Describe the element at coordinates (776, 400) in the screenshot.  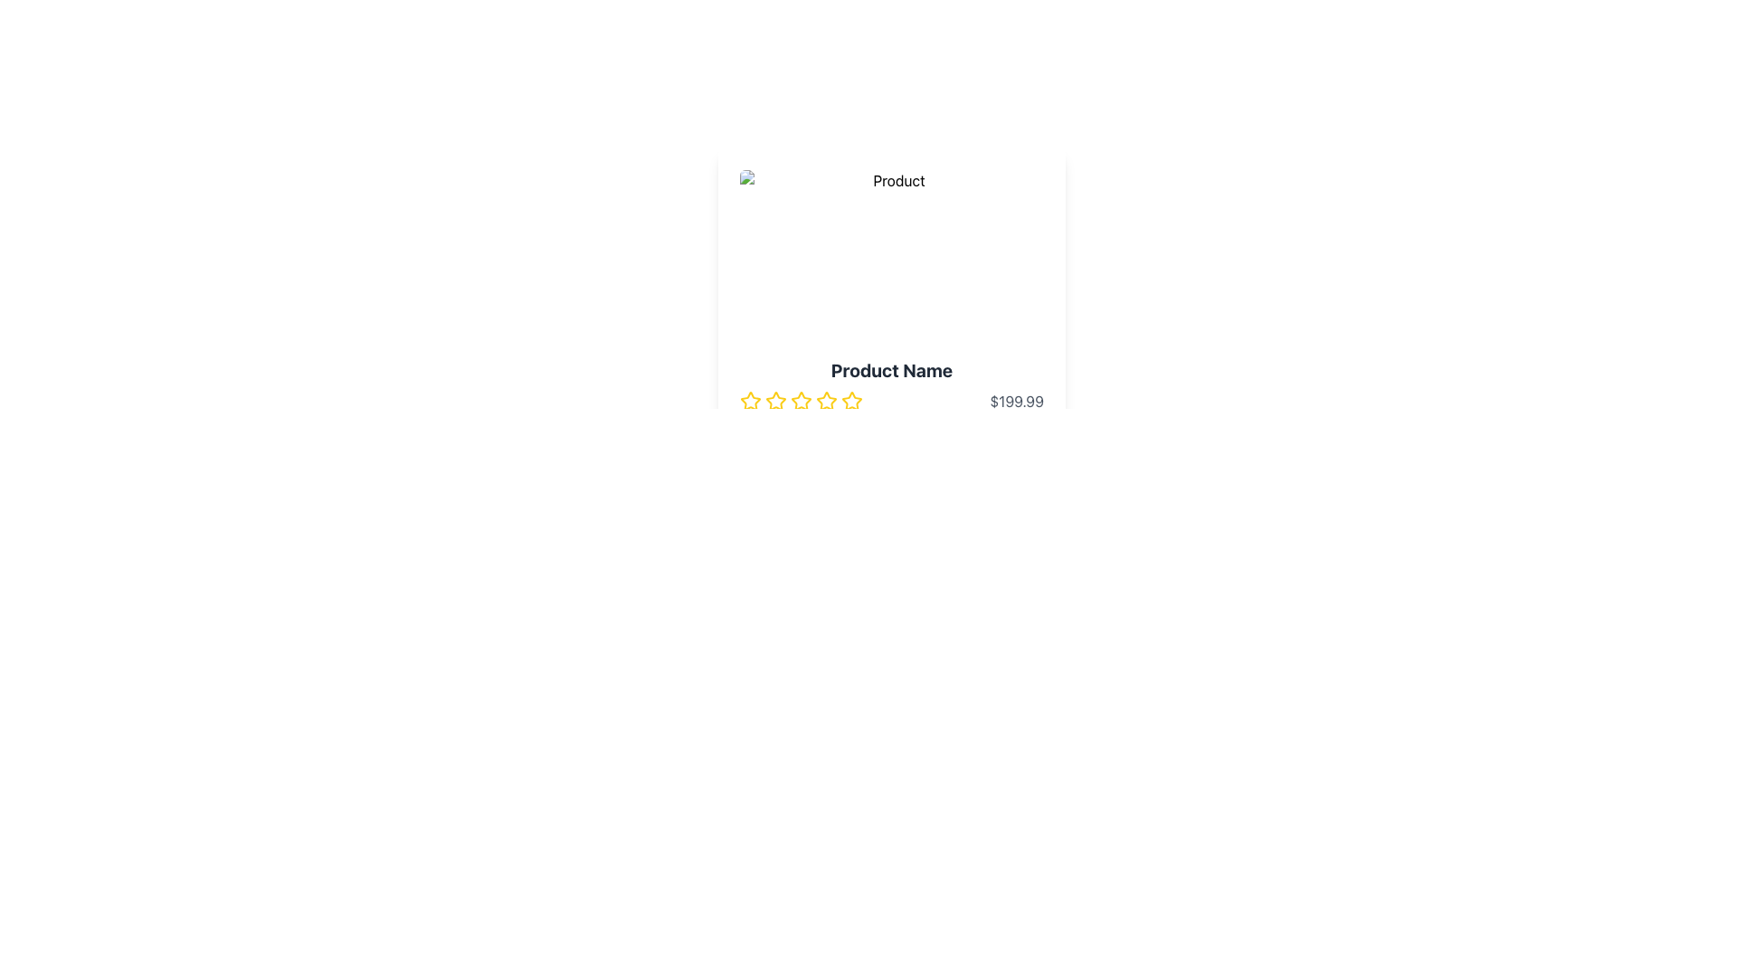
I see `the yellow star icon, which is the first in a sequence of five rating stars located under the 'Product Name' and to the left of the product price, to rate it` at that location.